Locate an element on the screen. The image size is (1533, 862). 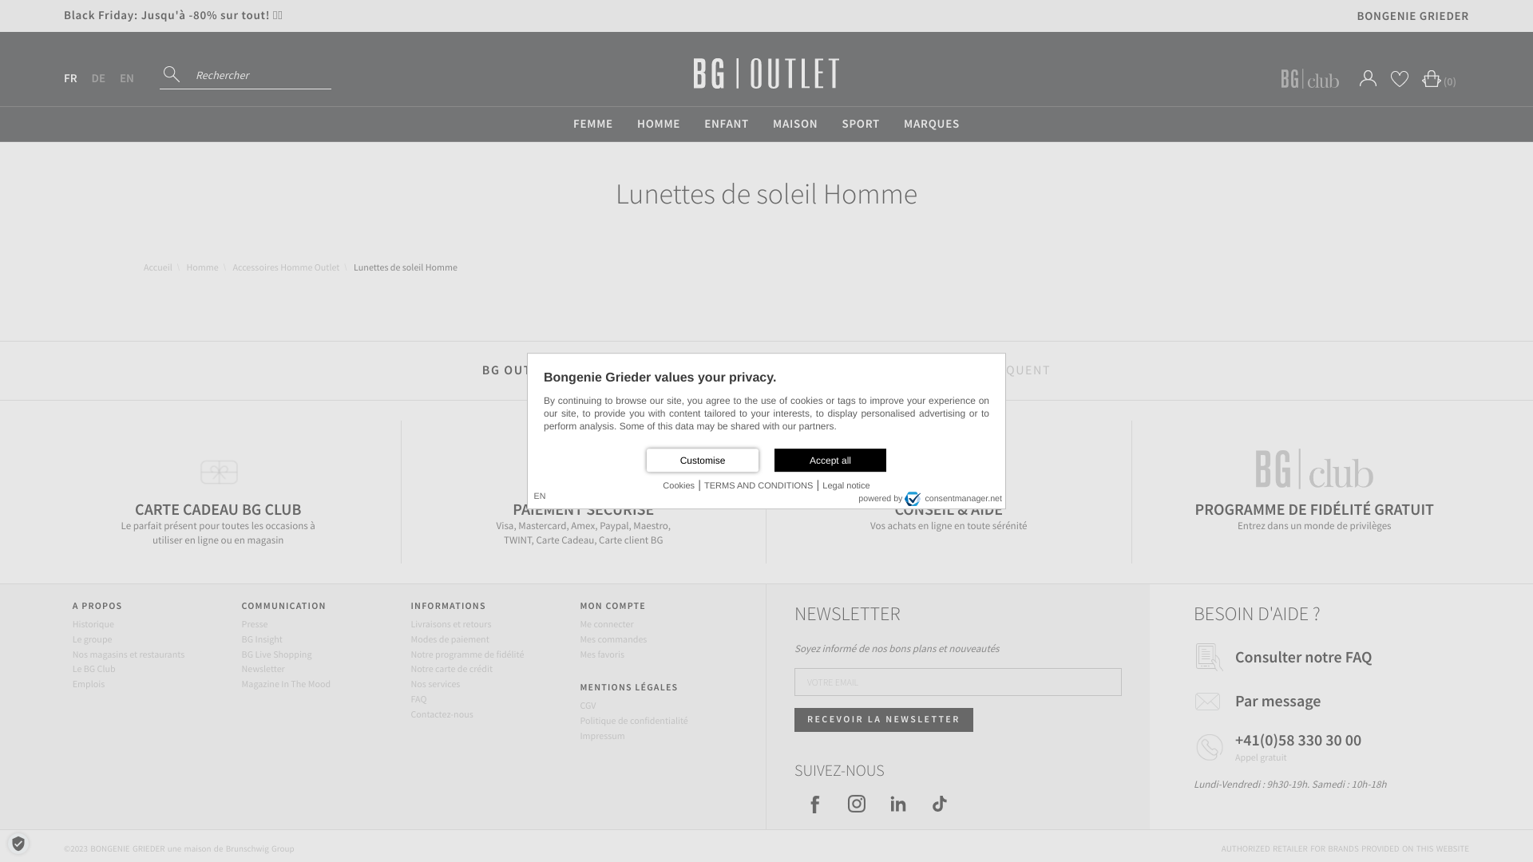
'Homme' is located at coordinates (201, 267).